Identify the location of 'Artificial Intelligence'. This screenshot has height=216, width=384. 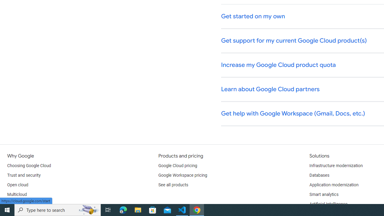
(328, 204).